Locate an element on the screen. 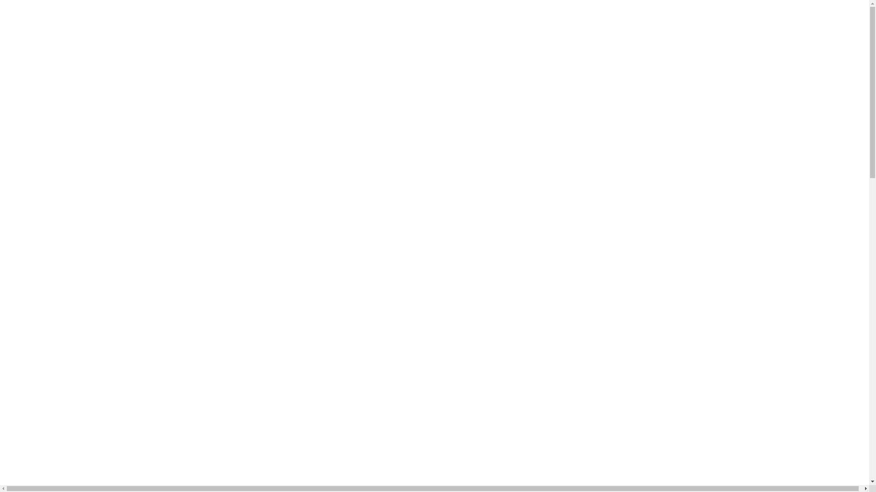 This screenshot has height=492, width=876. 'LOGIN' is located at coordinates (33, 39).